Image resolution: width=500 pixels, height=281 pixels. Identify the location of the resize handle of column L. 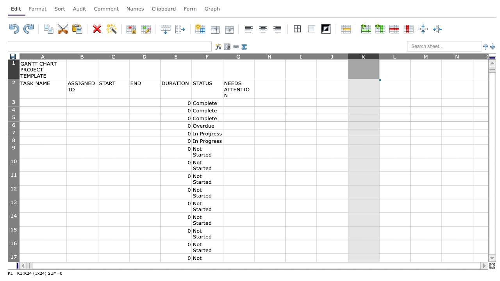
(410, 56).